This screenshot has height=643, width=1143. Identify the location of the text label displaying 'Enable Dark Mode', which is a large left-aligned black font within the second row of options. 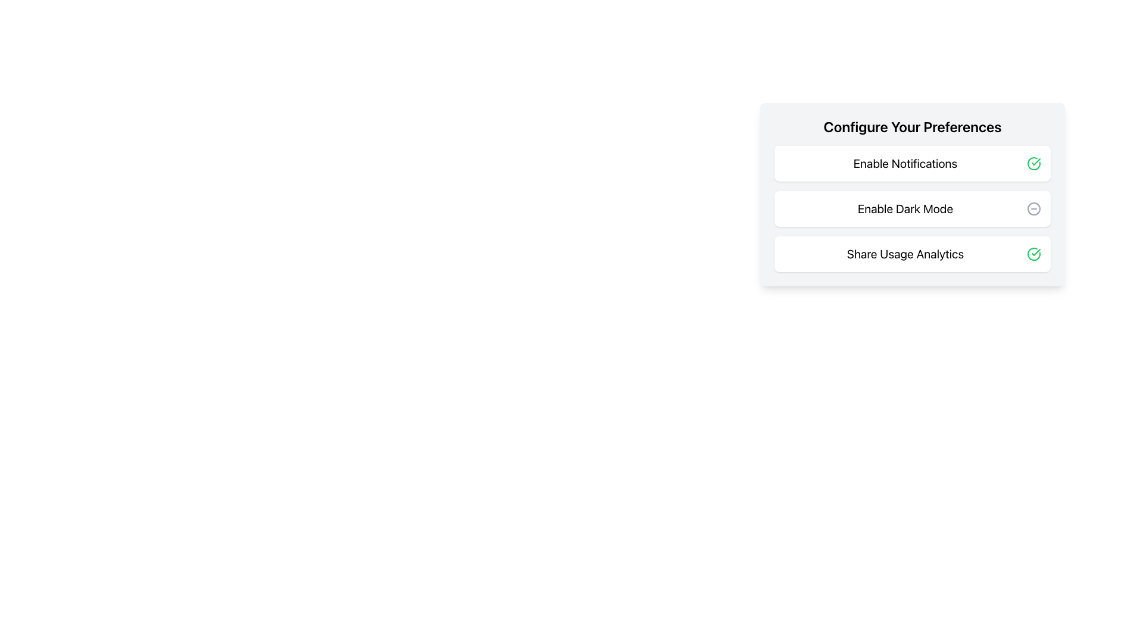
(905, 208).